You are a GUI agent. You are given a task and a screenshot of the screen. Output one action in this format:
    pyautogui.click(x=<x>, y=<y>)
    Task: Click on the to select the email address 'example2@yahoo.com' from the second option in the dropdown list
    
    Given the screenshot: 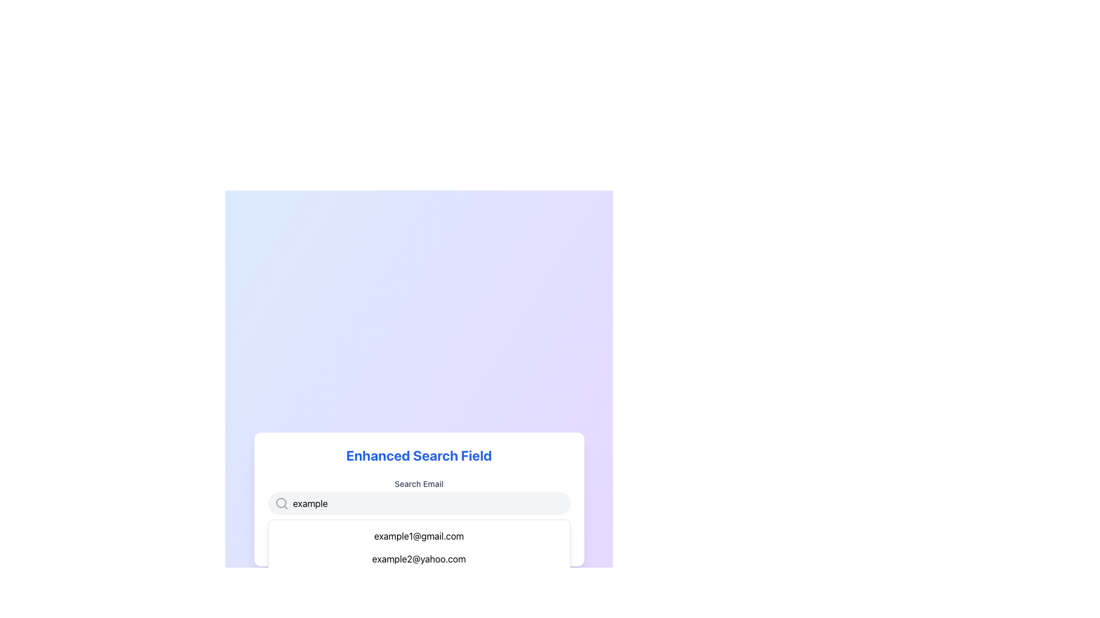 What is the action you would take?
    pyautogui.click(x=418, y=558)
    